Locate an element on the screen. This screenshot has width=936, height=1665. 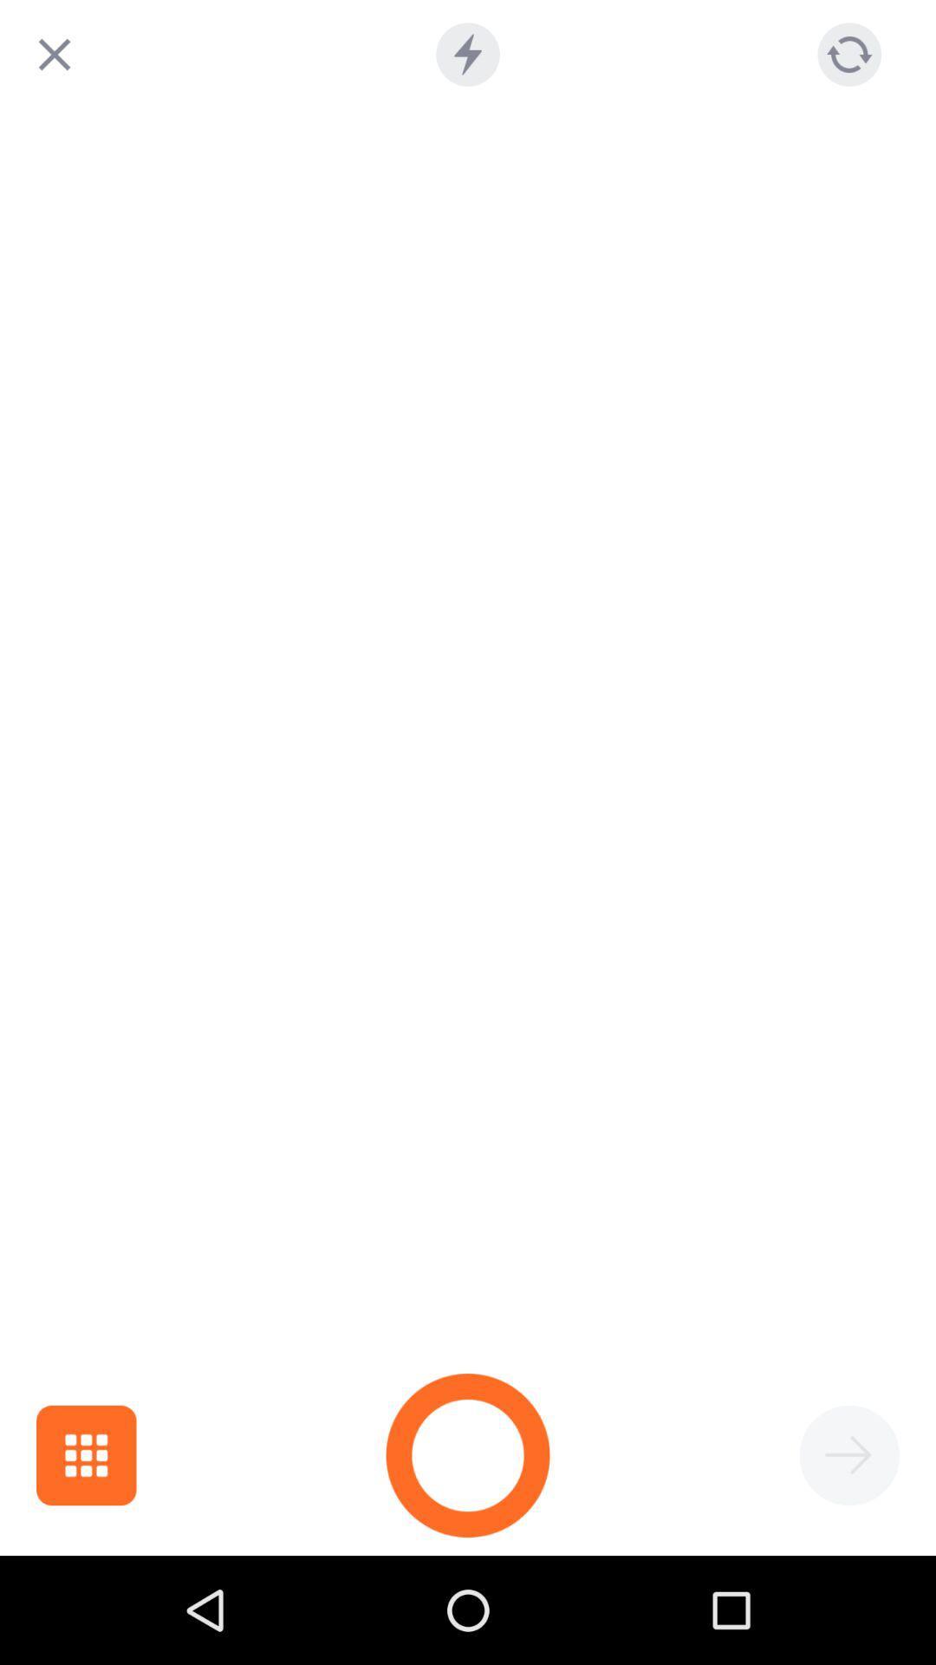
the arrow_forward icon is located at coordinates (848, 1455).